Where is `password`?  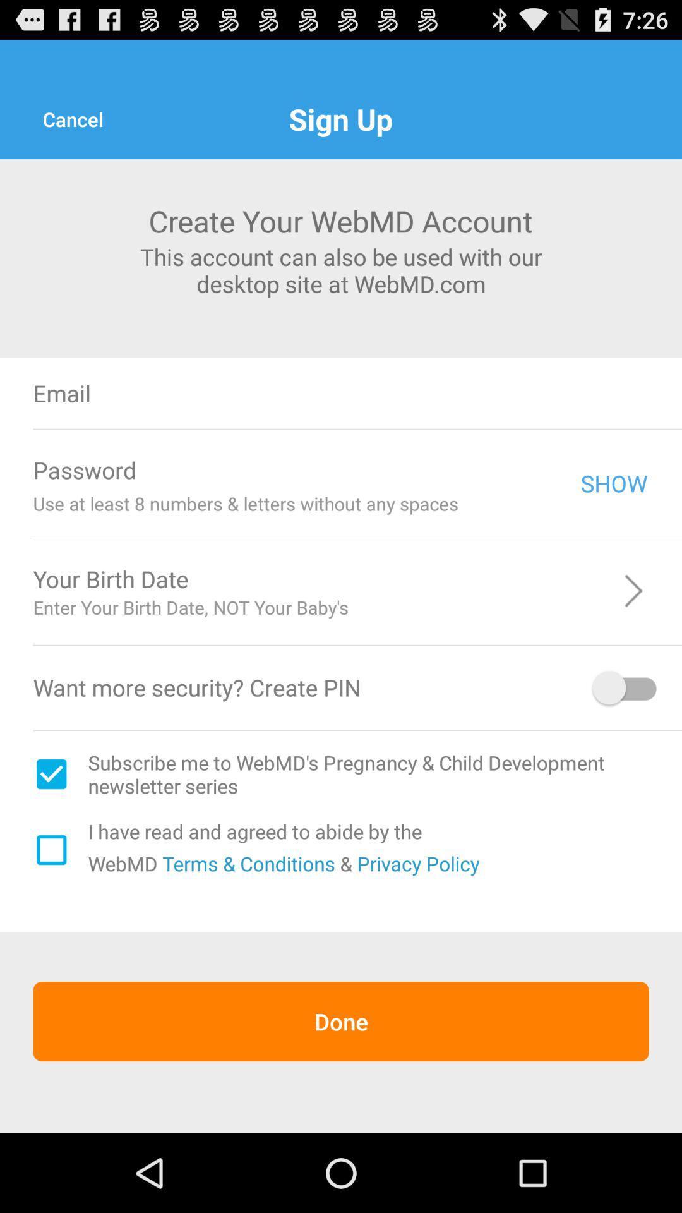 password is located at coordinates (366, 469).